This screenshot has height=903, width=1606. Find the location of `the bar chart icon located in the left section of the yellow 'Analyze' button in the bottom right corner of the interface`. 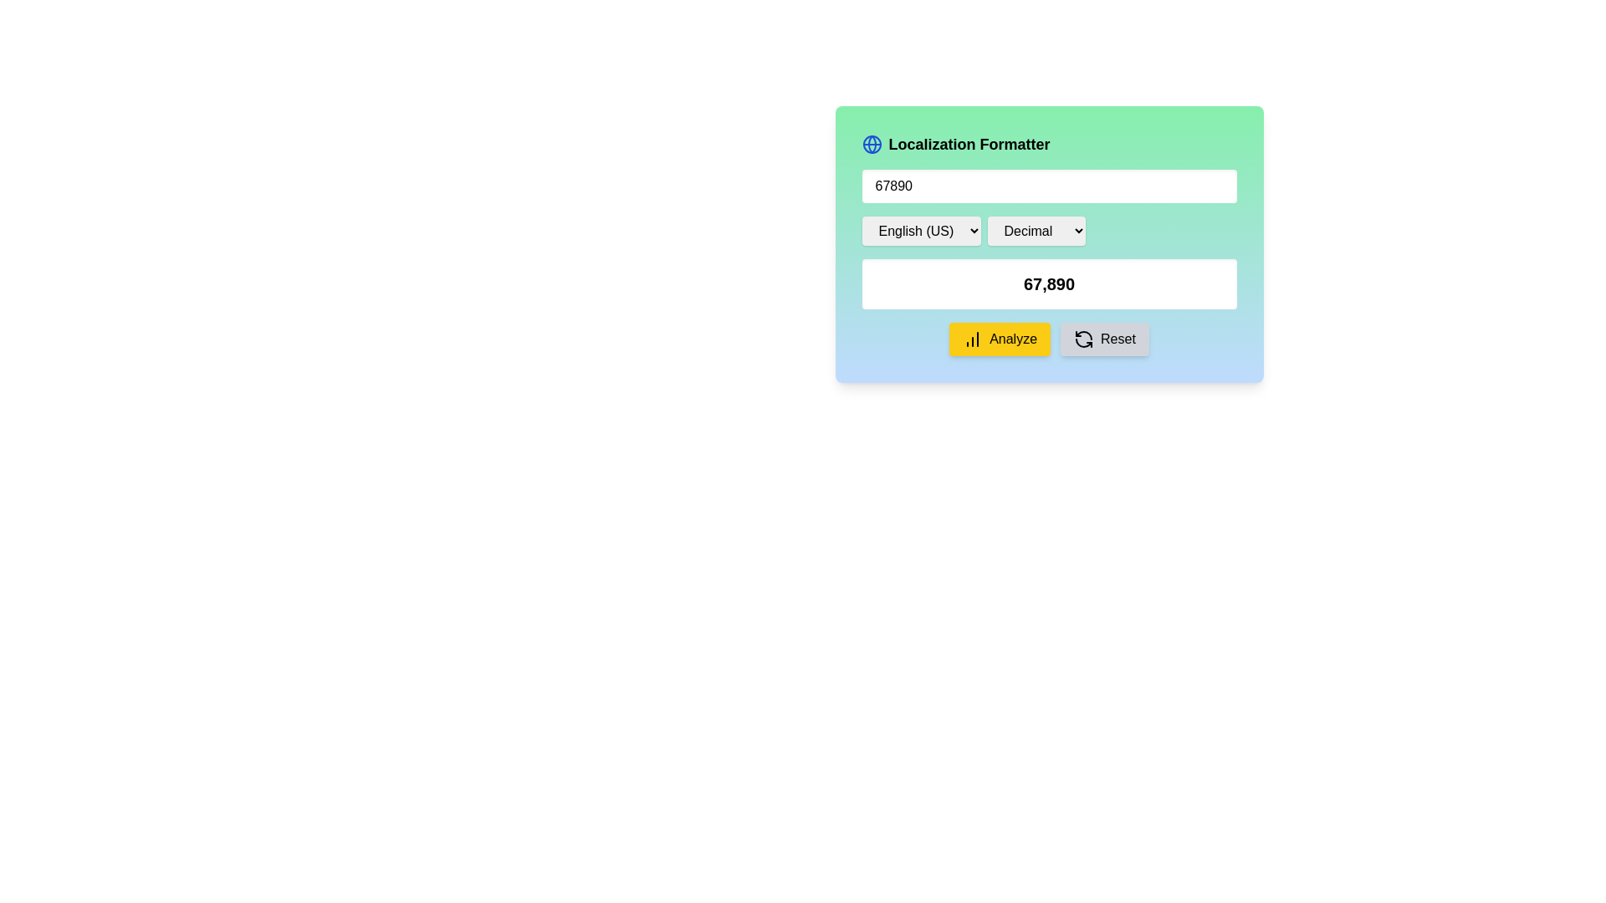

the bar chart icon located in the left section of the yellow 'Analyze' button in the bottom right corner of the interface is located at coordinates (973, 339).